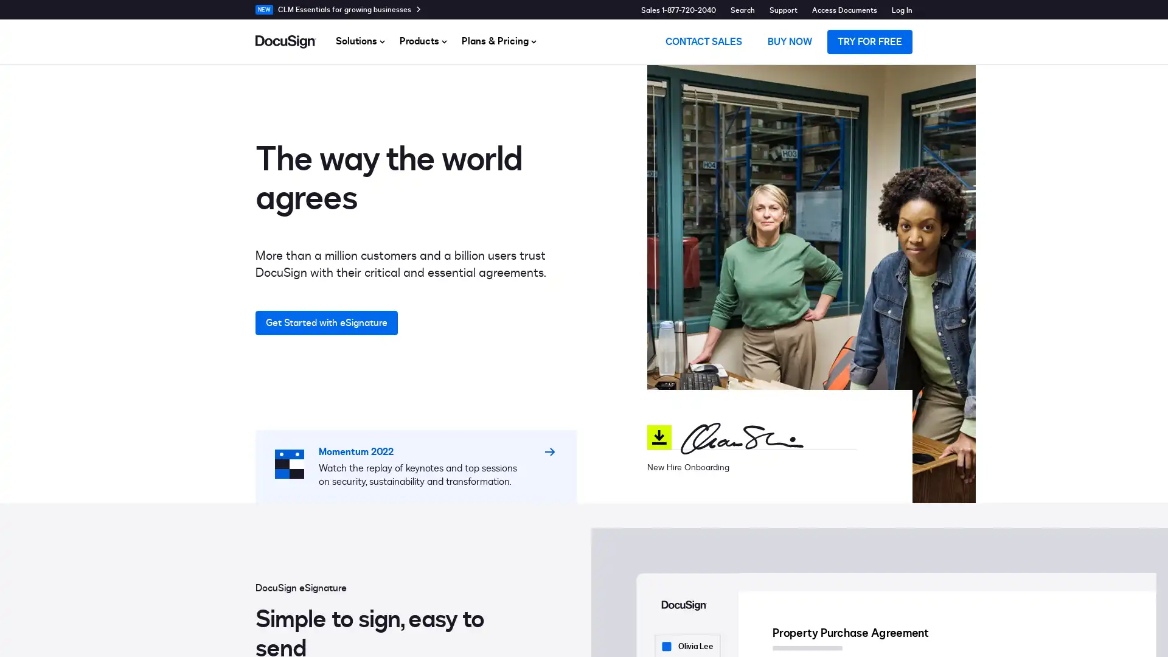 The image size is (1168, 657). What do you see at coordinates (742, 10) in the screenshot?
I see `Search` at bounding box center [742, 10].